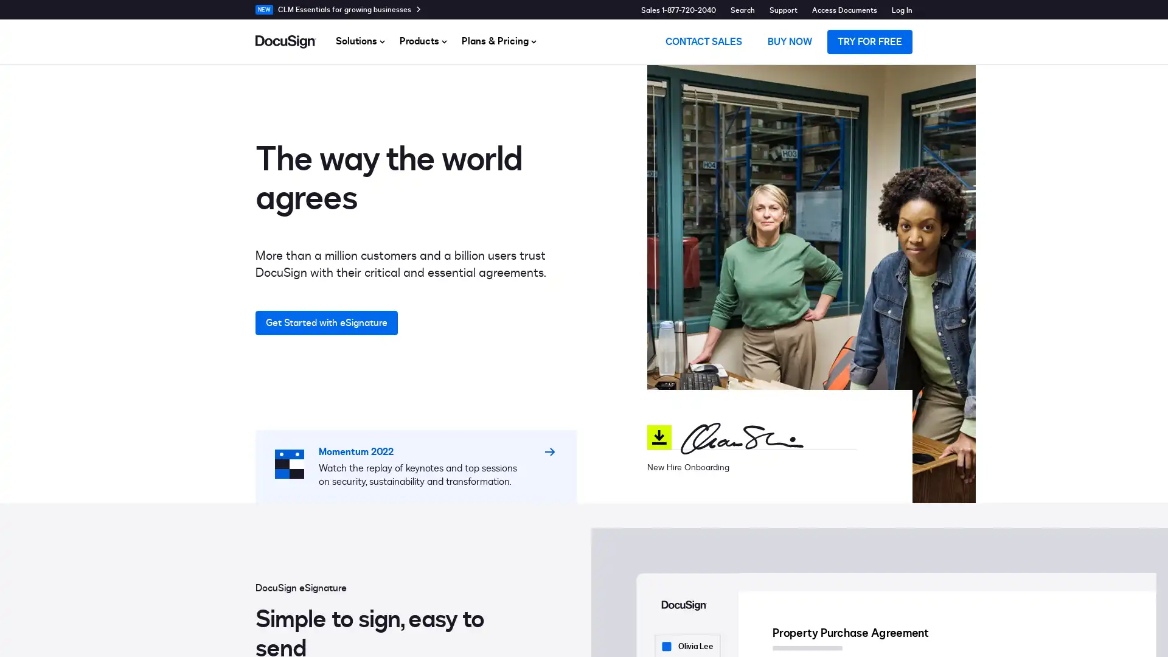 The image size is (1168, 657). What do you see at coordinates (742, 10) in the screenshot?
I see `Search` at bounding box center [742, 10].